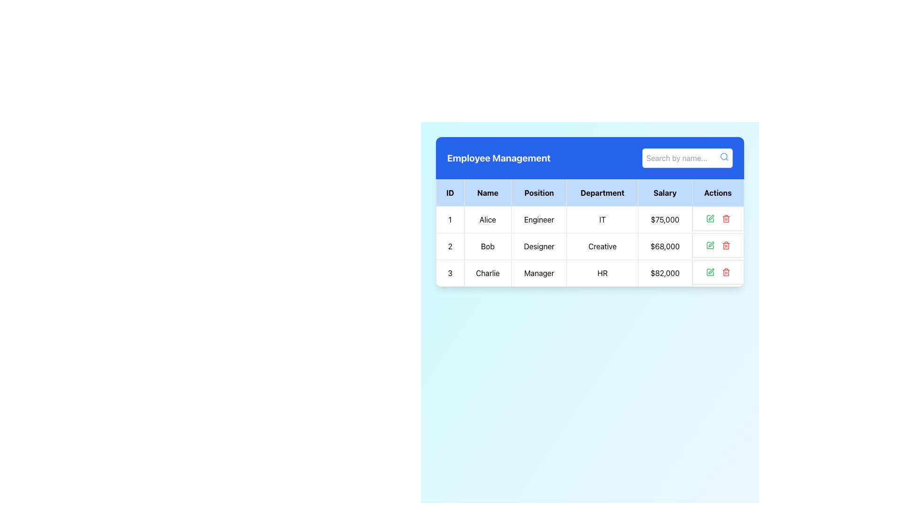 The width and height of the screenshot is (902, 507). Describe the element at coordinates (664, 219) in the screenshot. I see `the salary information cell for the employee 'Alice' in the 'Employee Management' table, located in the fifth column of the first data row` at that location.